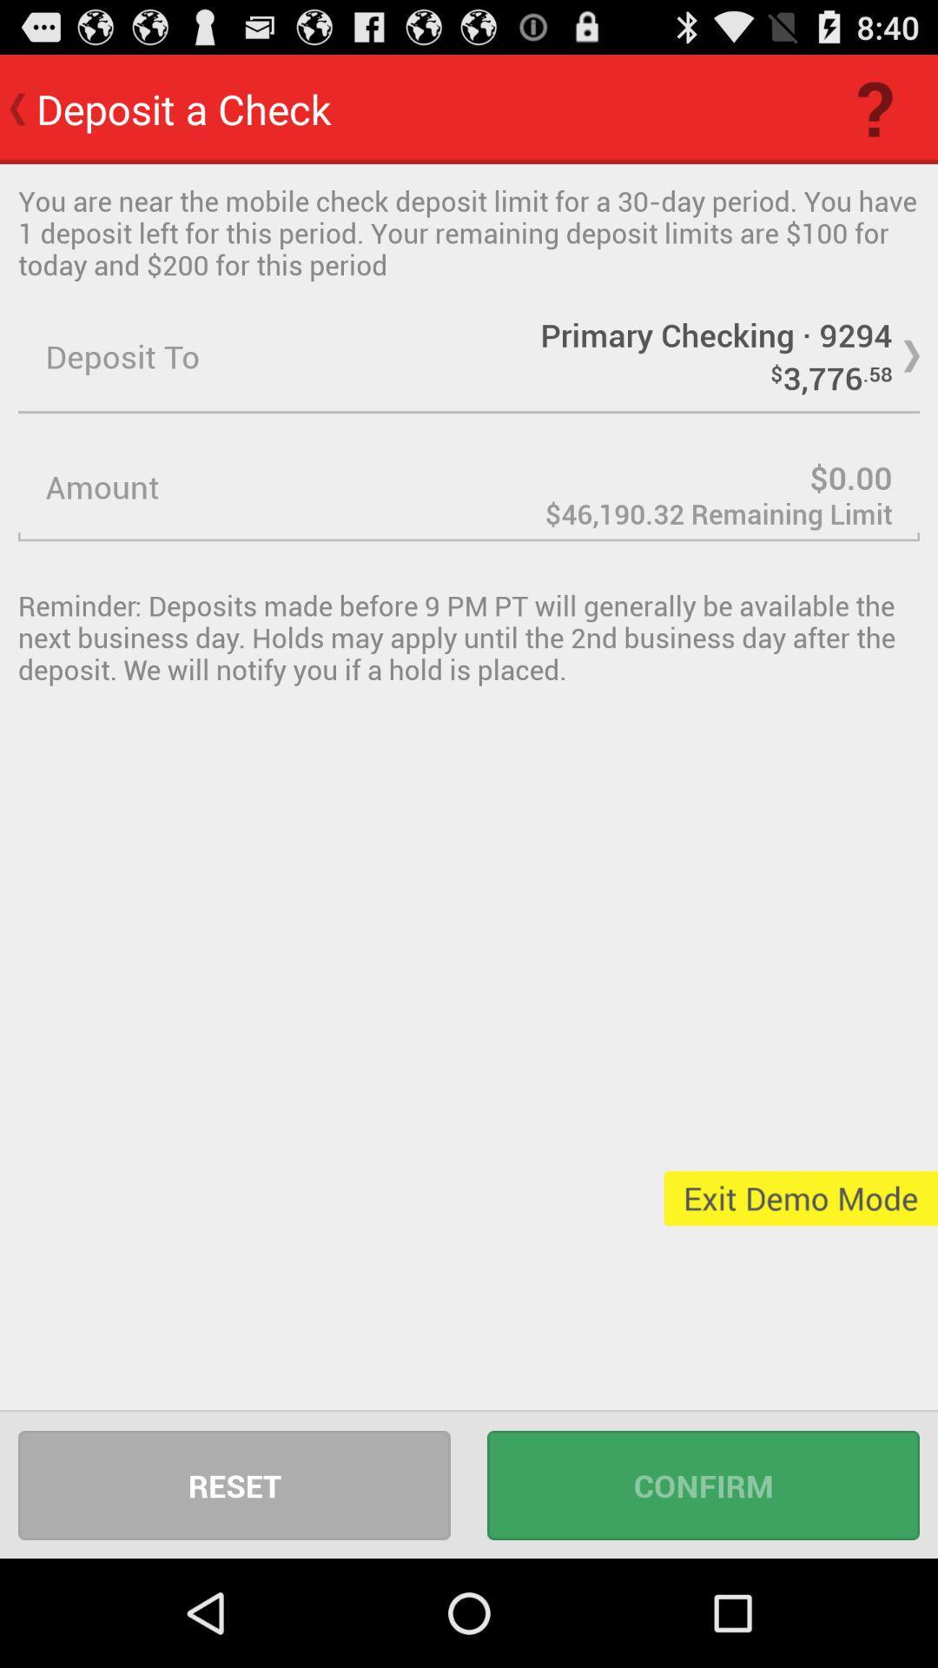 This screenshot has height=1668, width=938. Describe the element at coordinates (703, 1484) in the screenshot. I see `item at the bottom right corner` at that location.